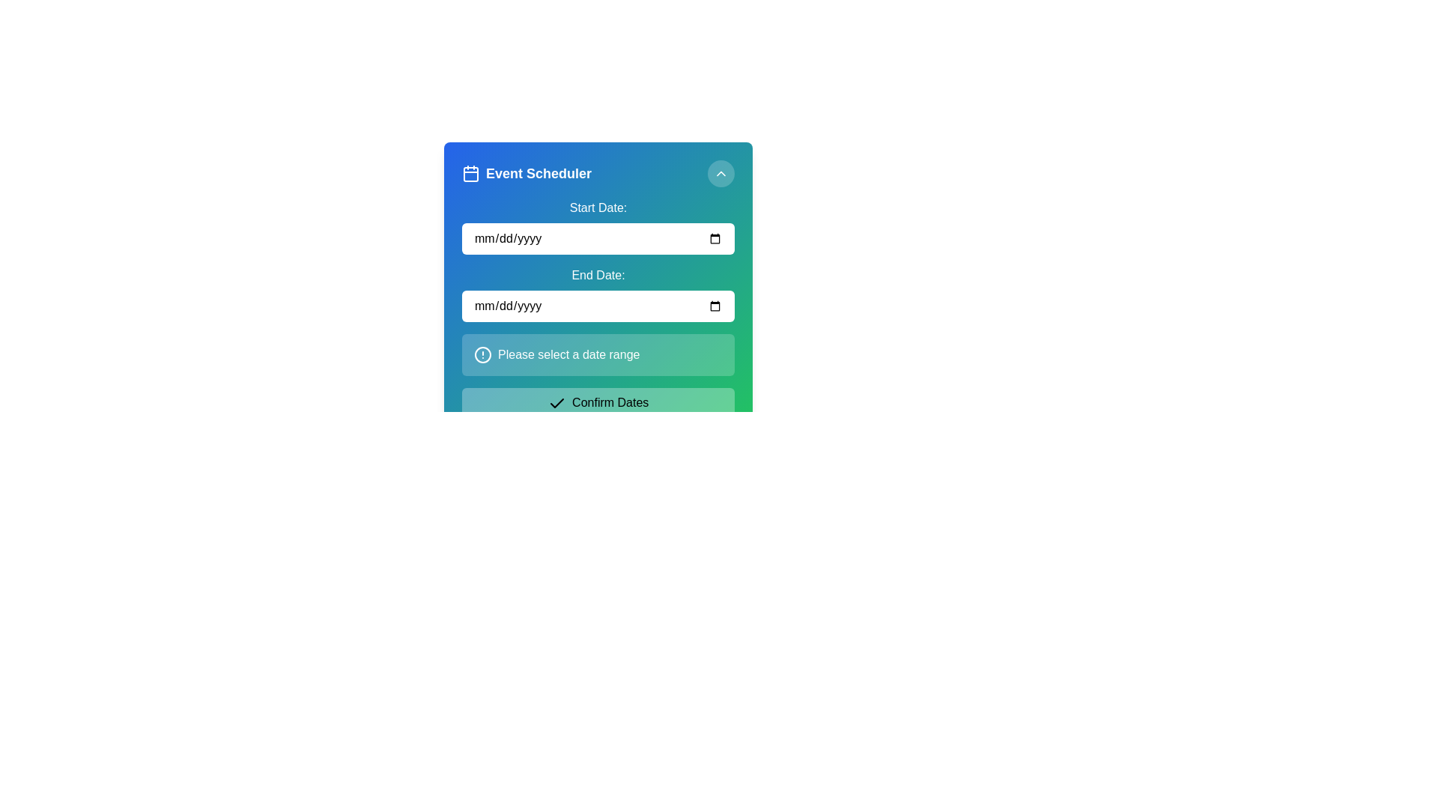 This screenshot has height=809, width=1438. What do you see at coordinates (597, 275) in the screenshot?
I see `the text label that reads 'End Date:', which is styled with a clean font and positioned above the date input field in a vertically aligned form` at bounding box center [597, 275].